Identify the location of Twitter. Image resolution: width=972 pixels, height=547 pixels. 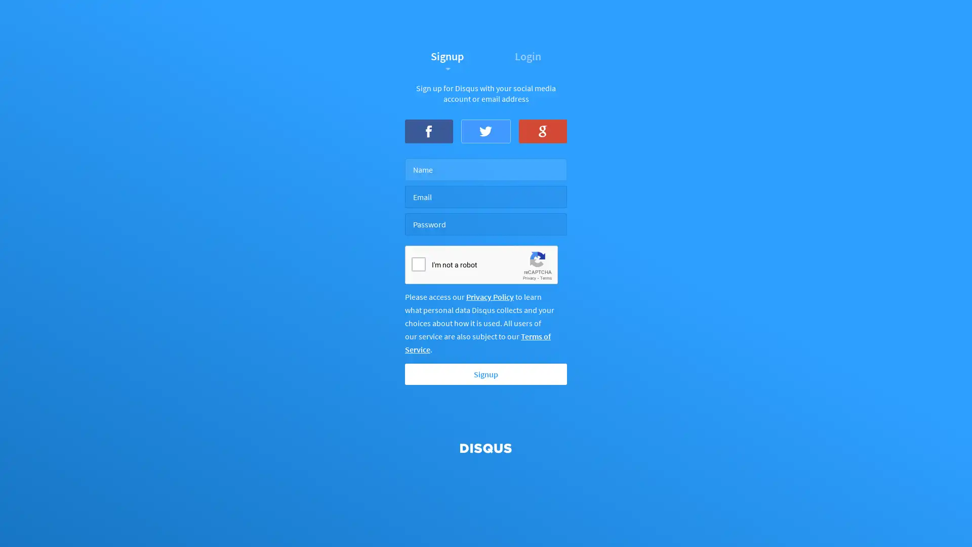
(485, 130).